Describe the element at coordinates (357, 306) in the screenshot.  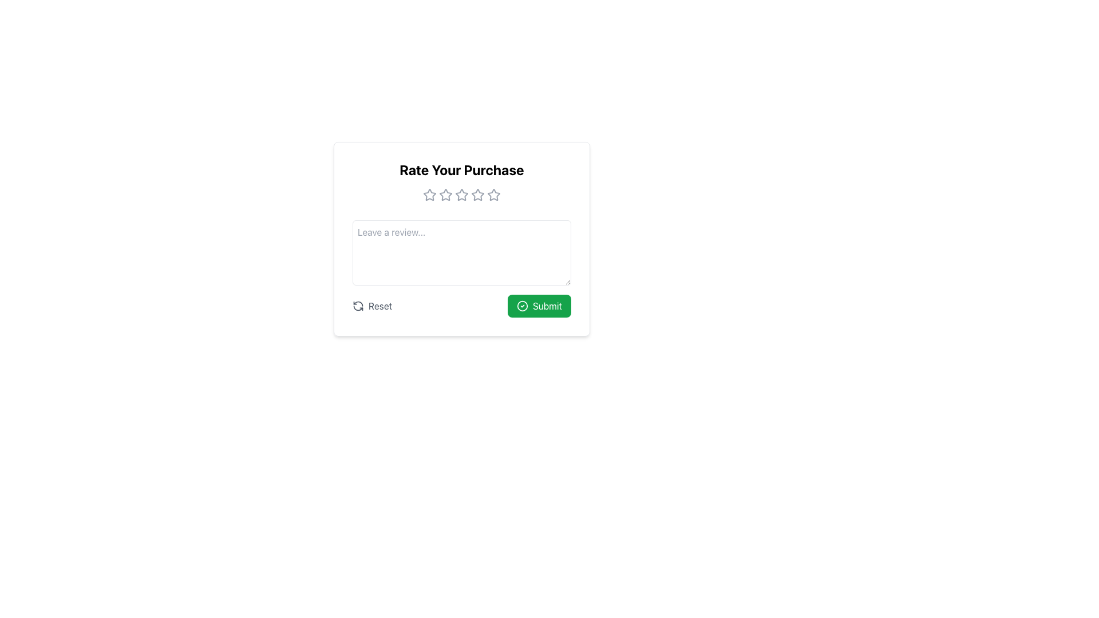
I see `the circular refresh icon located within the 'Reset' button in the bottom-left section of the modal for feedback` at that location.